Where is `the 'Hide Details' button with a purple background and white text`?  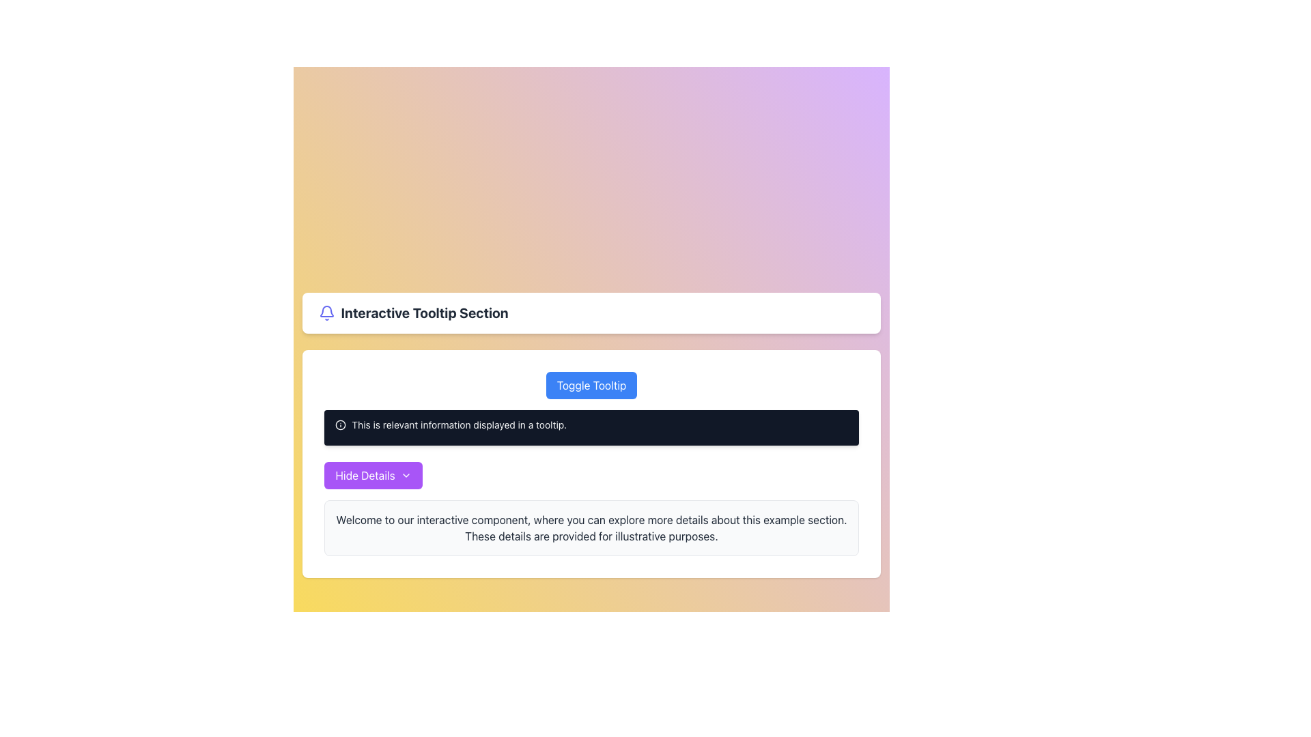 the 'Hide Details' button with a purple background and white text is located at coordinates (373, 475).